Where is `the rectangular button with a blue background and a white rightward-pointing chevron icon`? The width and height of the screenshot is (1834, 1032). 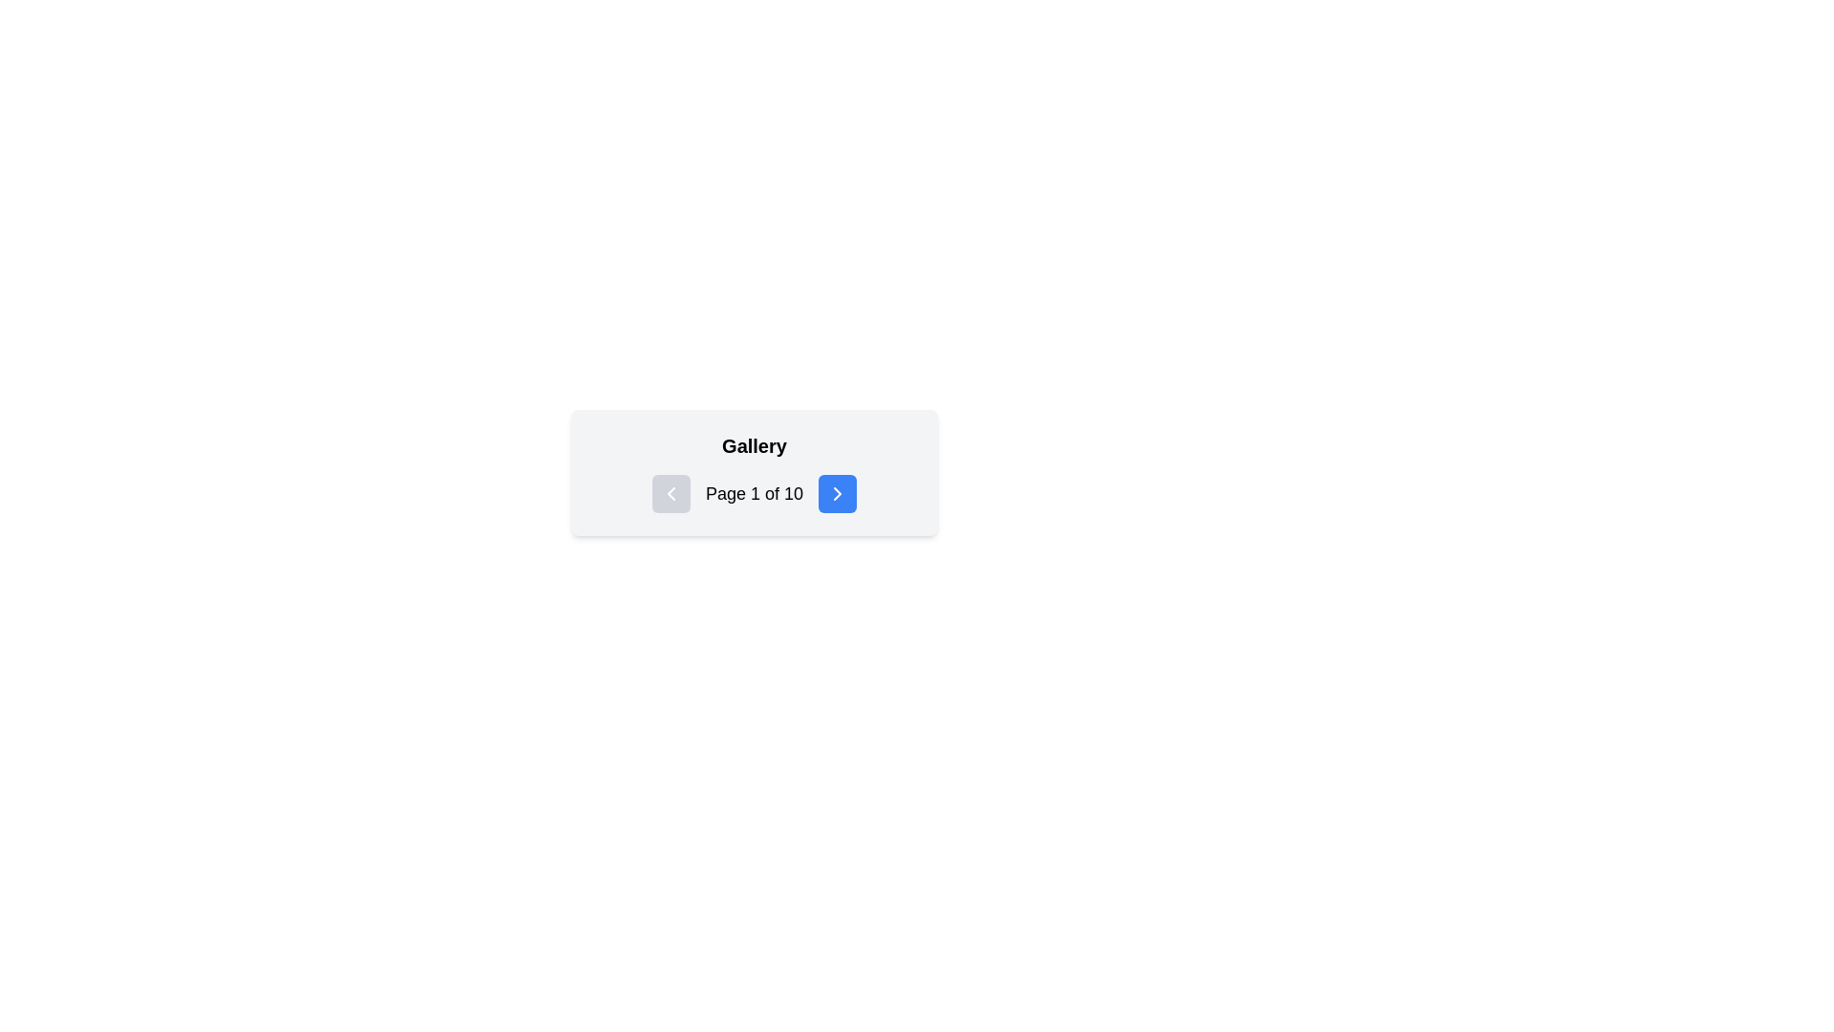
the rectangular button with a blue background and a white rightward-pointing chevron icon is located at coordinates (838, 492).